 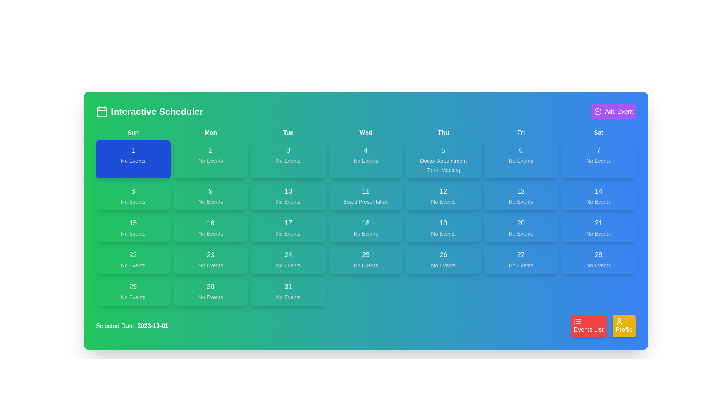 I want to click on the button-like calendar cell that displays the date '11' and the event 'Board Presentation', so click(x=366, y=195).